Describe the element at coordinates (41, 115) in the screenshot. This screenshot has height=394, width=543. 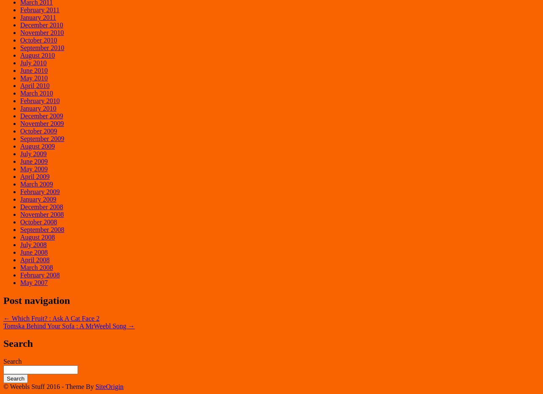
I see `'December 2009'` at that location.